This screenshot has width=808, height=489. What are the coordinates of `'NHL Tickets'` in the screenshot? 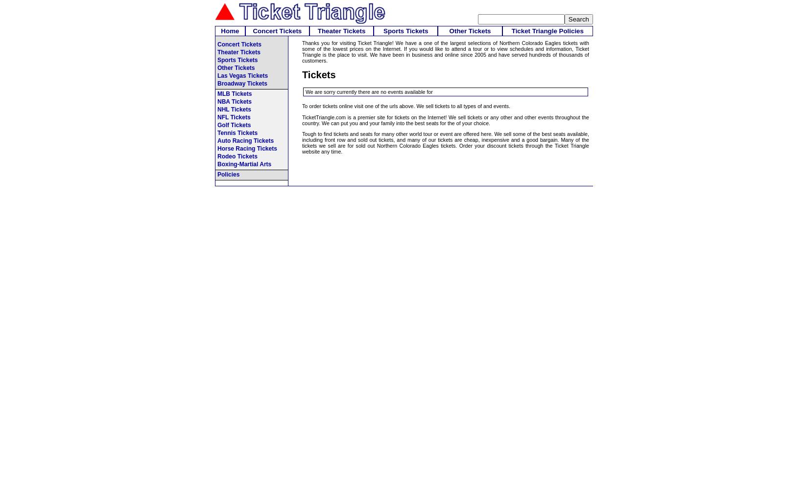 It's located at (234, 109).